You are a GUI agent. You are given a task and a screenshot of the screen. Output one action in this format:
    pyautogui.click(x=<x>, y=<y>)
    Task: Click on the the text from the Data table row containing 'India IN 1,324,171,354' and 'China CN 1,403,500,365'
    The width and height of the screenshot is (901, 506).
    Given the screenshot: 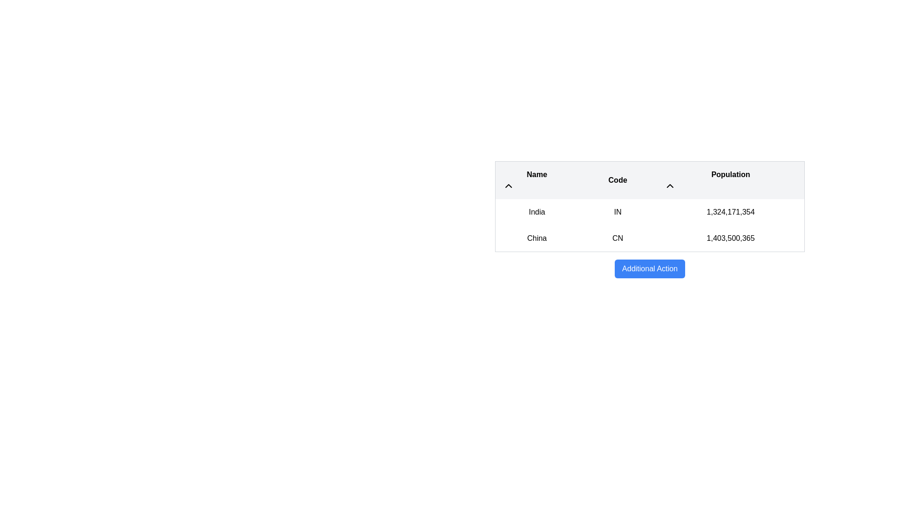 What is the action you would take?
    pyautogui.click(x=649, y=225)
    